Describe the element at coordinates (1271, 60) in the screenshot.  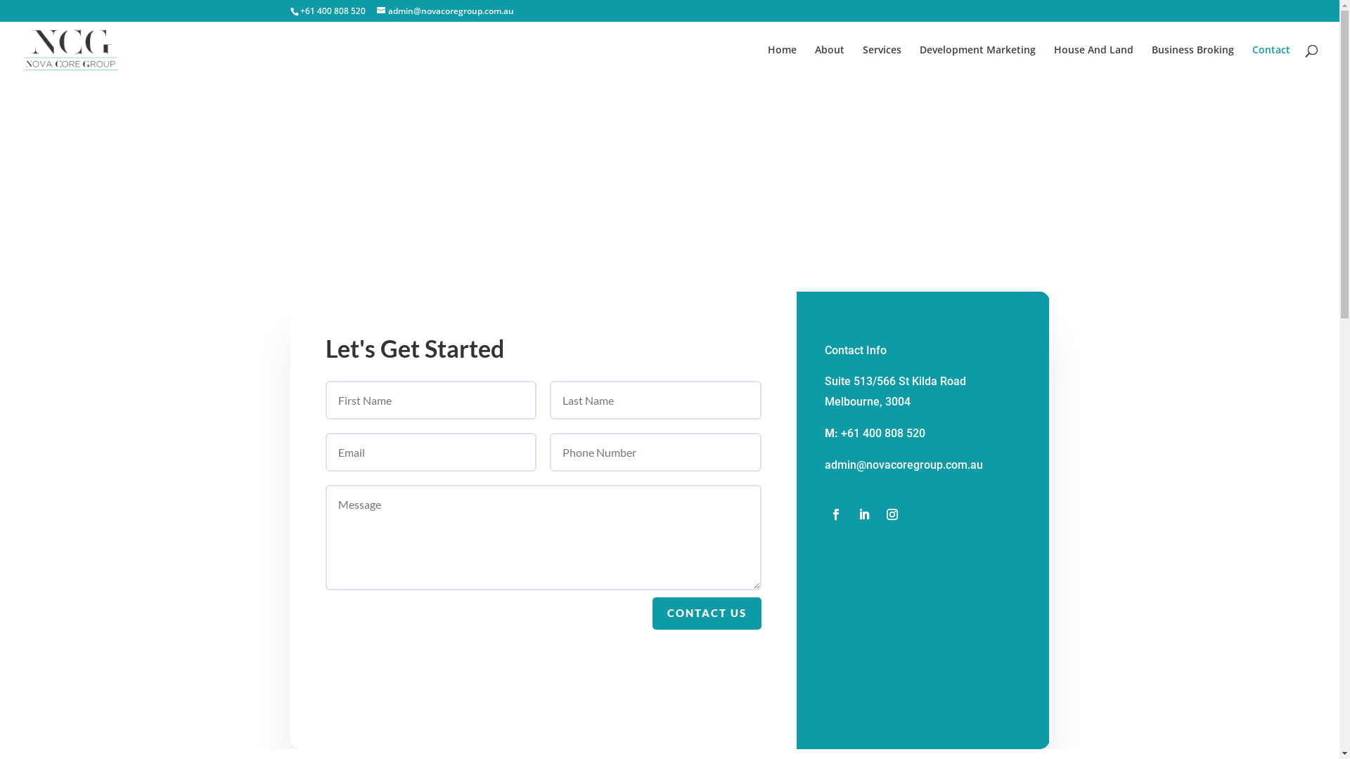
I see `'Contact'` at that location.